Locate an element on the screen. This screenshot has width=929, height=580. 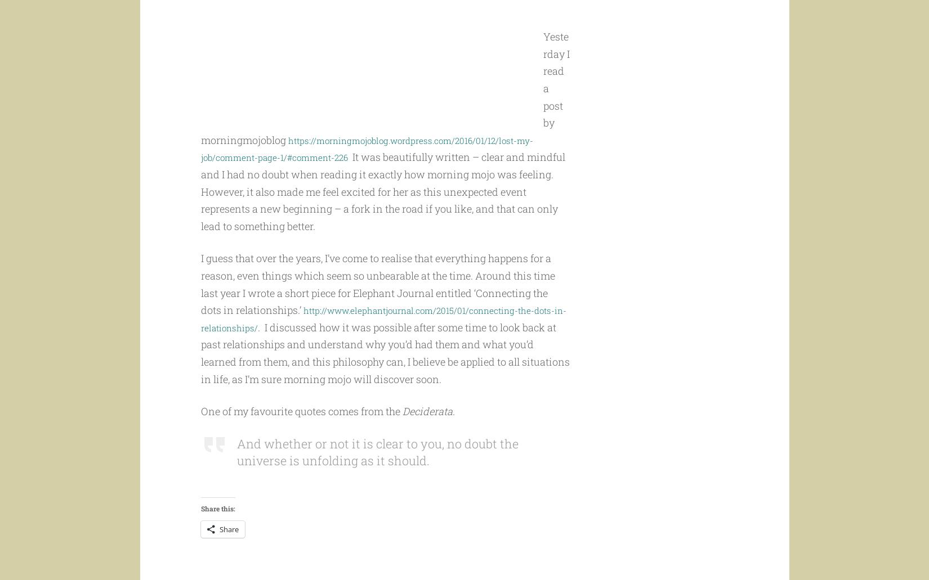
'Deciderata.' is located at coordinates (427, 432).